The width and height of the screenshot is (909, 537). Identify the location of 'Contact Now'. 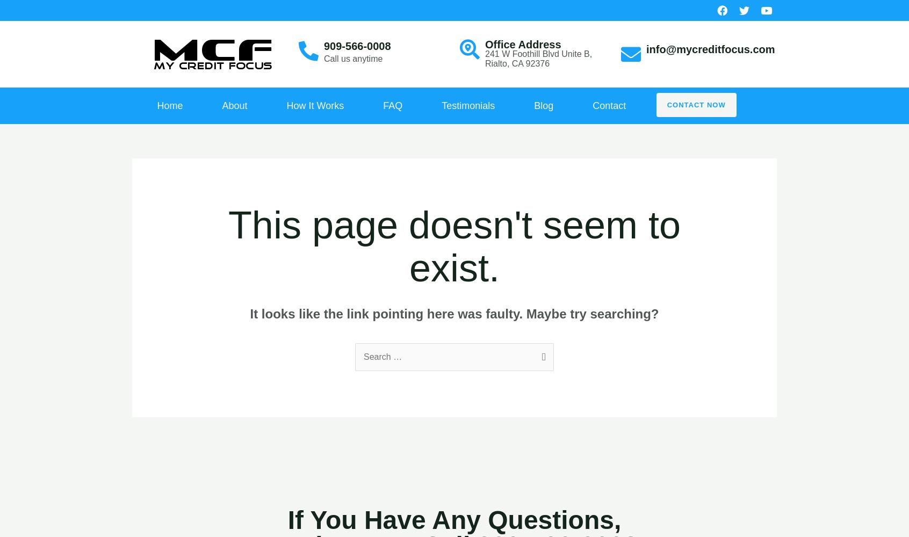
(695, 104).